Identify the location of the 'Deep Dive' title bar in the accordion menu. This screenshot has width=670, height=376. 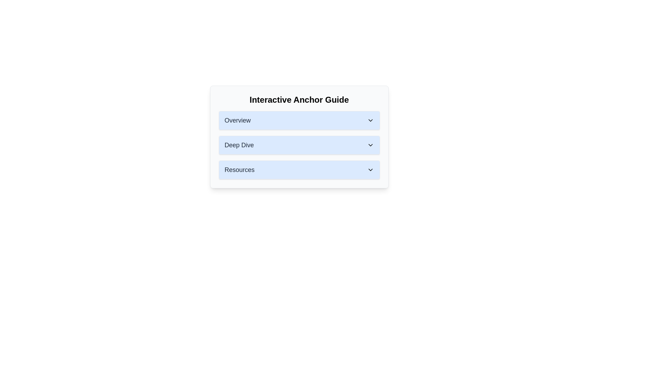
(299, 145).